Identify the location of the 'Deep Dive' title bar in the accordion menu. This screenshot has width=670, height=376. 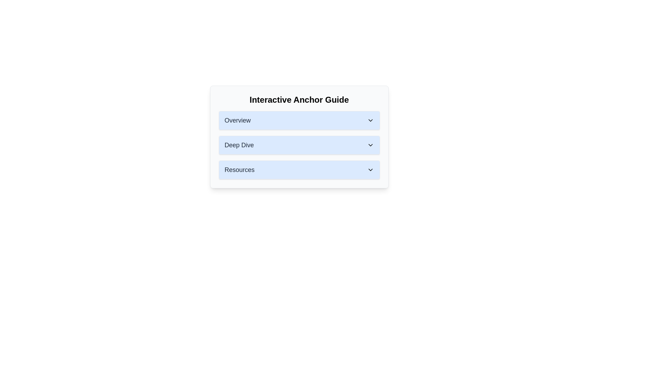
(299, 145).